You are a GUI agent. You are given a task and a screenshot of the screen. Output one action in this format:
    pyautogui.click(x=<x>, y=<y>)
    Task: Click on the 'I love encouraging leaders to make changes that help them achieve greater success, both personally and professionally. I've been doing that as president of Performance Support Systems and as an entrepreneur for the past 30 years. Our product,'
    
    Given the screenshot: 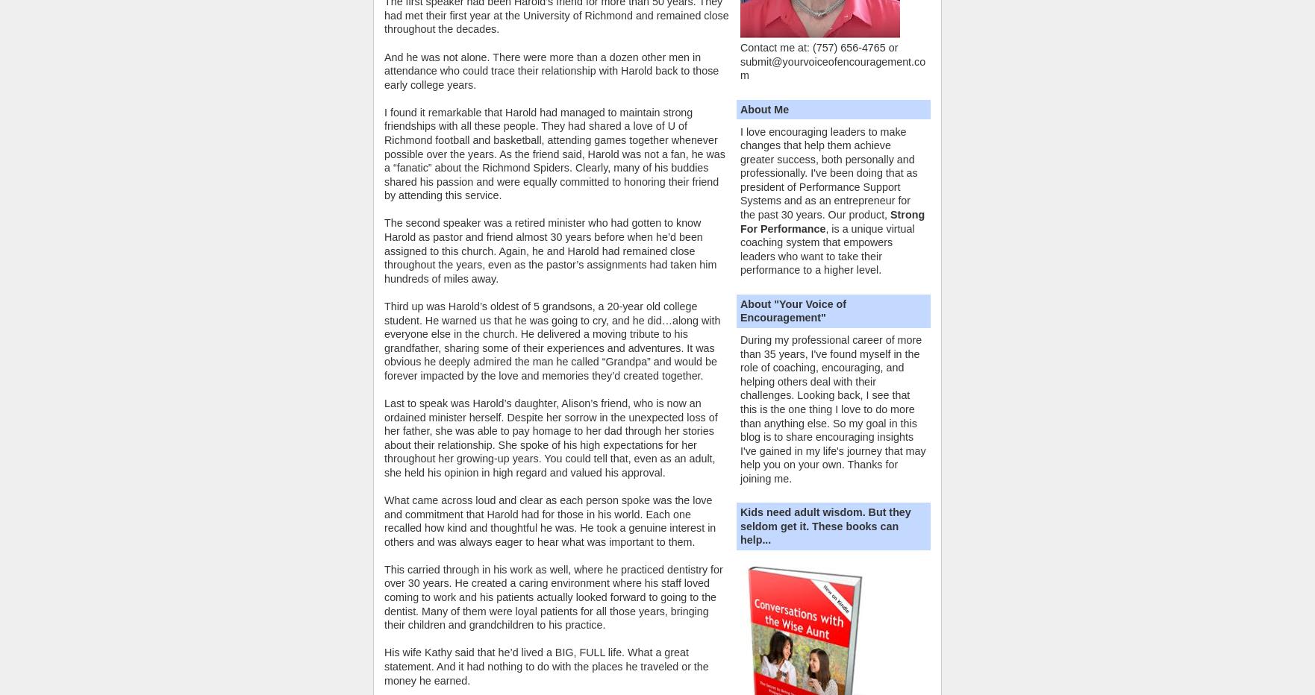 What is the action you would take?
    pyautogui.click(x=828, y=172)
    